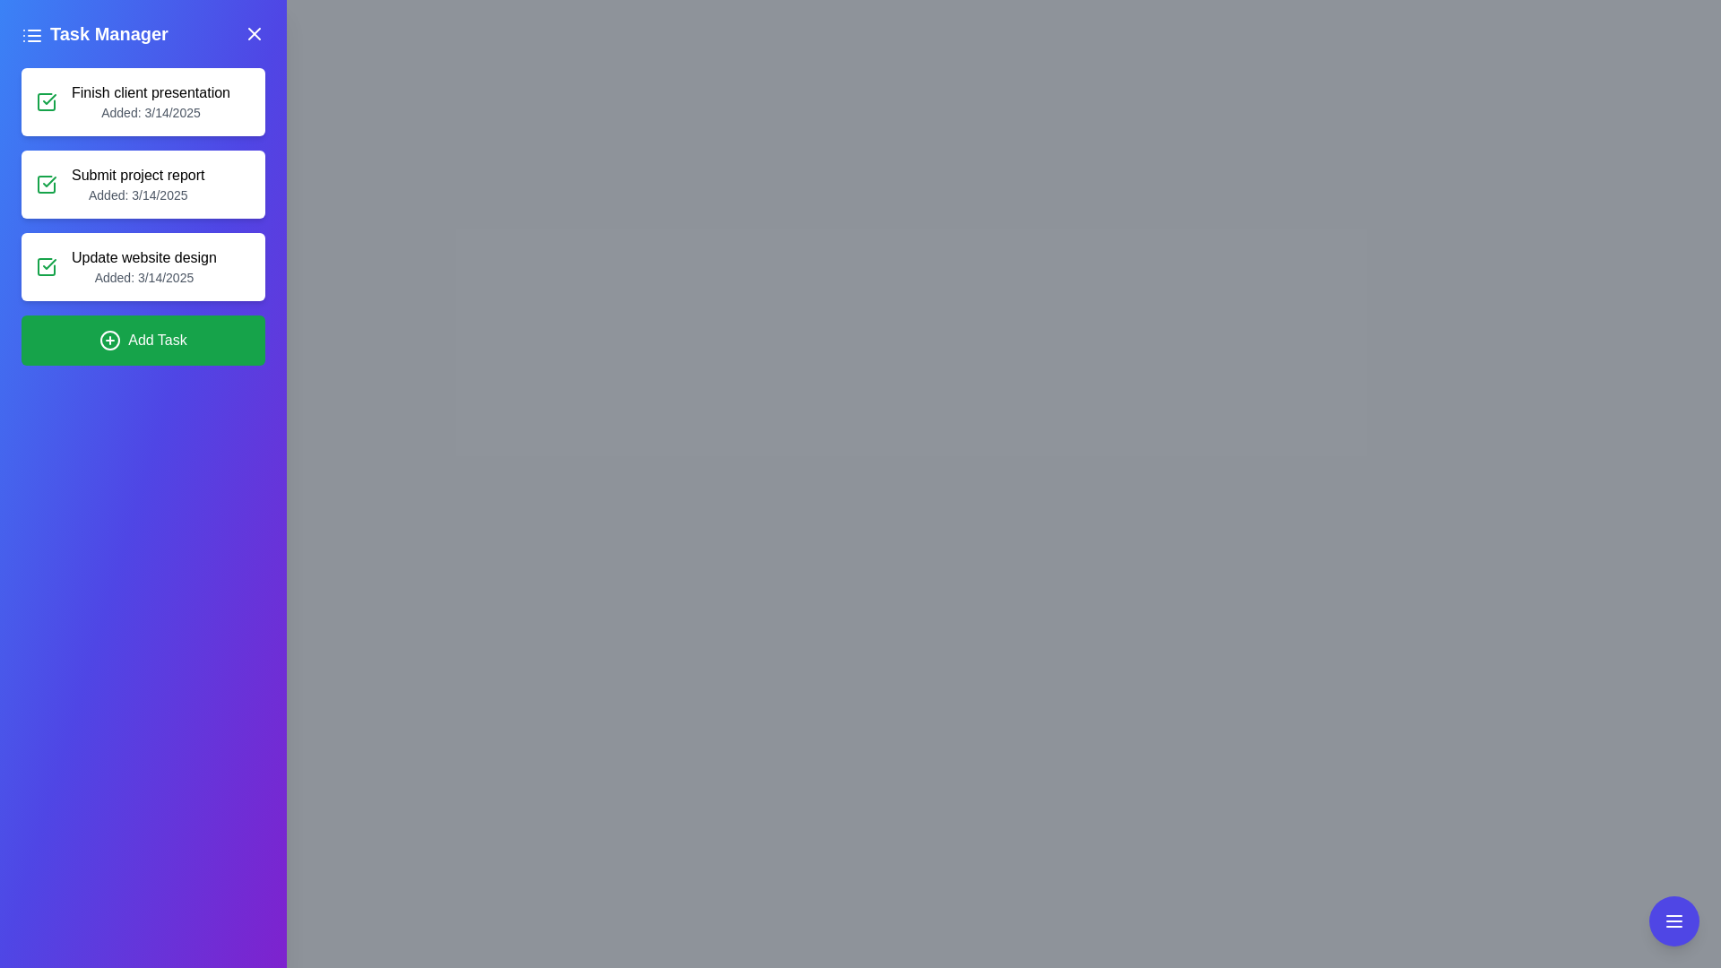 This screenshot has height=968, width=1721. I want to click on the completion status of the task indicated by the icon located at the top-left corner of the card labeled 'Finish client presentation', so click(47, 102).